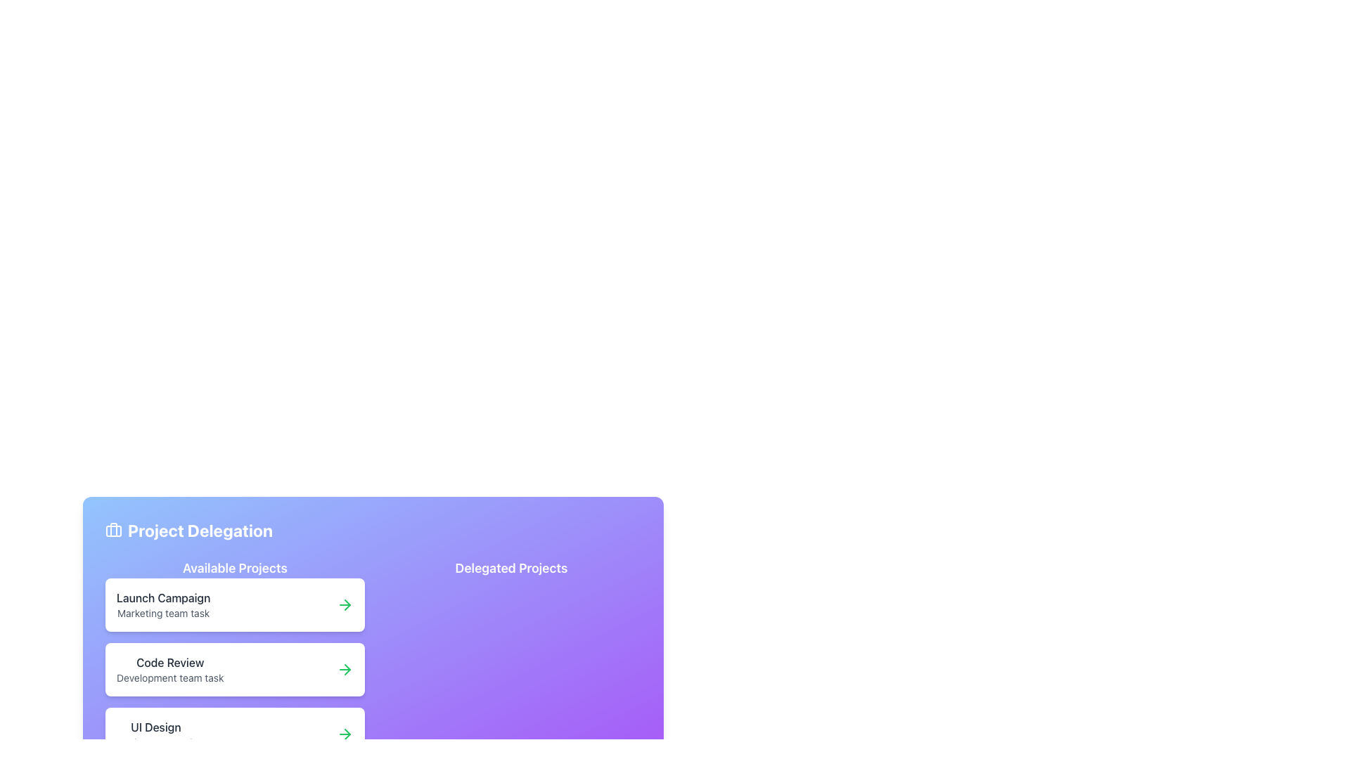 This screenshot has width=1350, height=759. I want to click on the 'Code Review' text label located within the 'Project Delegation' section, which is the second item from the top in a list under the 'Available Projects' title, positioned to the left of a right-facing arrow icon, so click(169, 668).